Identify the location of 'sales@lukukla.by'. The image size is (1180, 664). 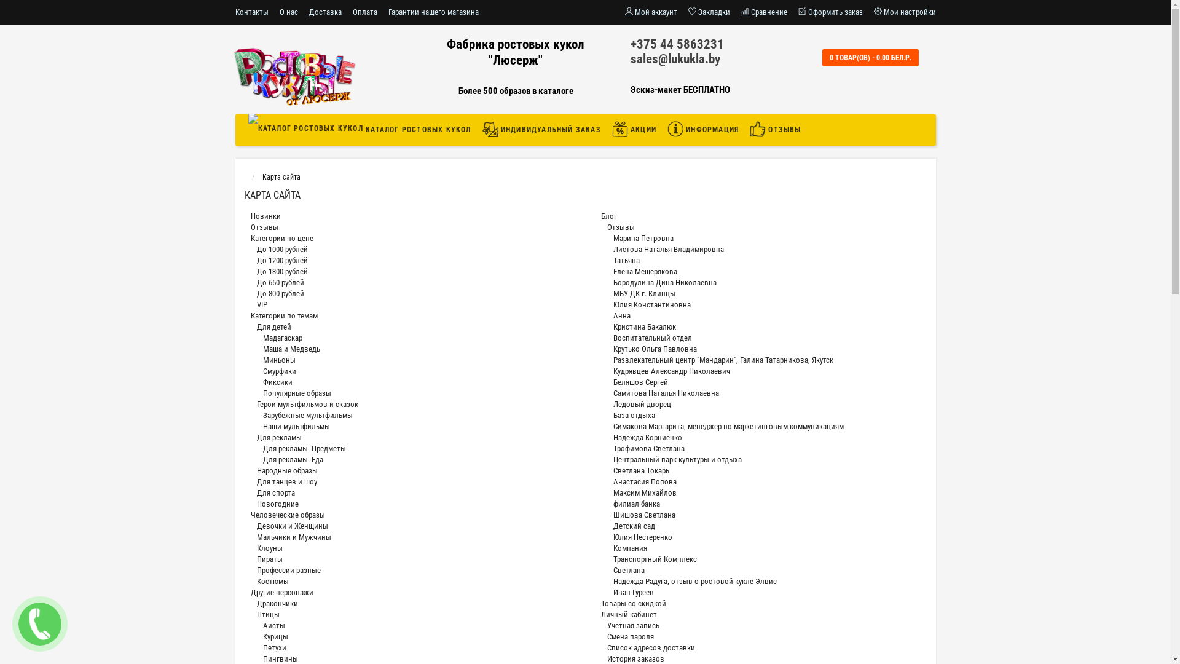
(675, 58).